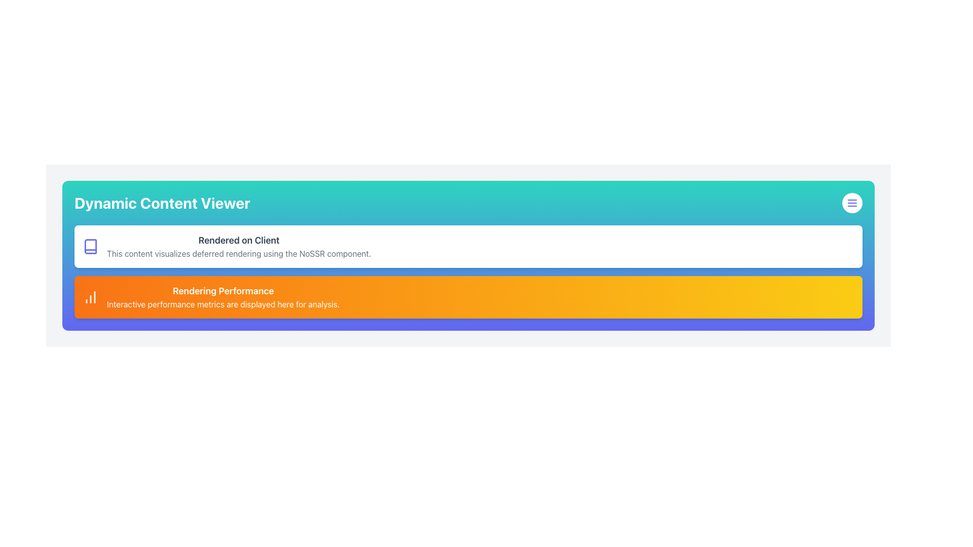 This screenshot has width=973, height=547. I want to click on the book icon, so click(90, 246).